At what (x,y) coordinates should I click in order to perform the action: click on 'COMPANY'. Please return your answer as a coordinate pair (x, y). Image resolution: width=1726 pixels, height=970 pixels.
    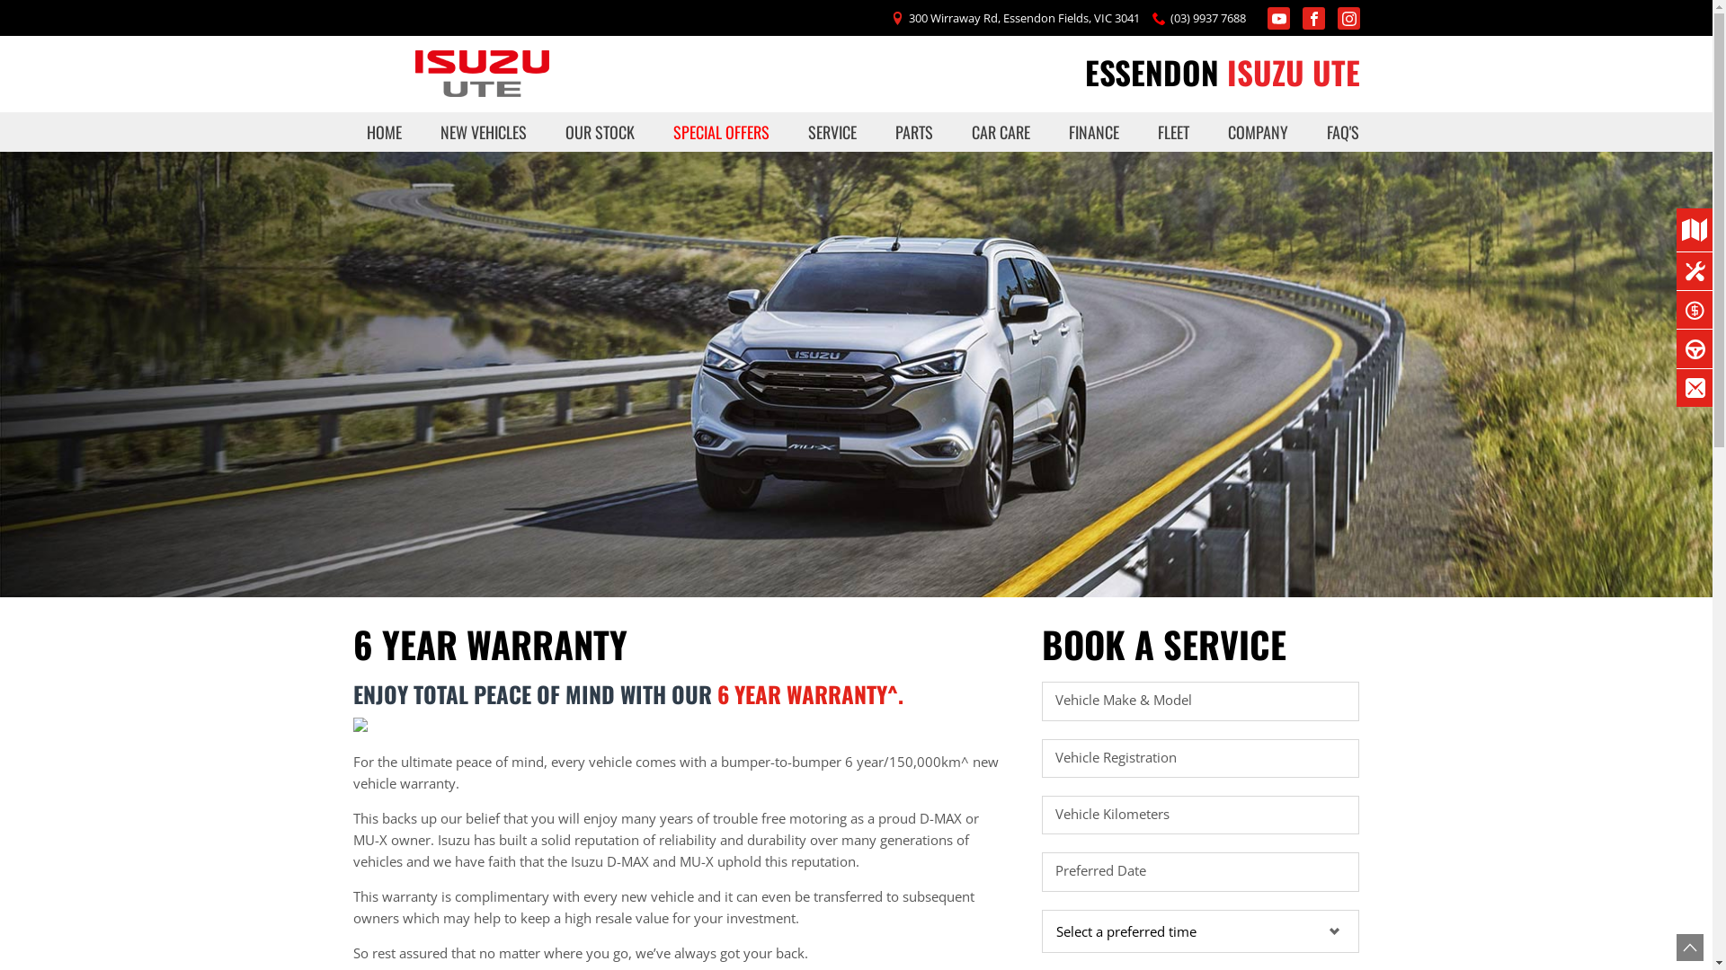
    Looking at the image, I should click on (1257, 130).